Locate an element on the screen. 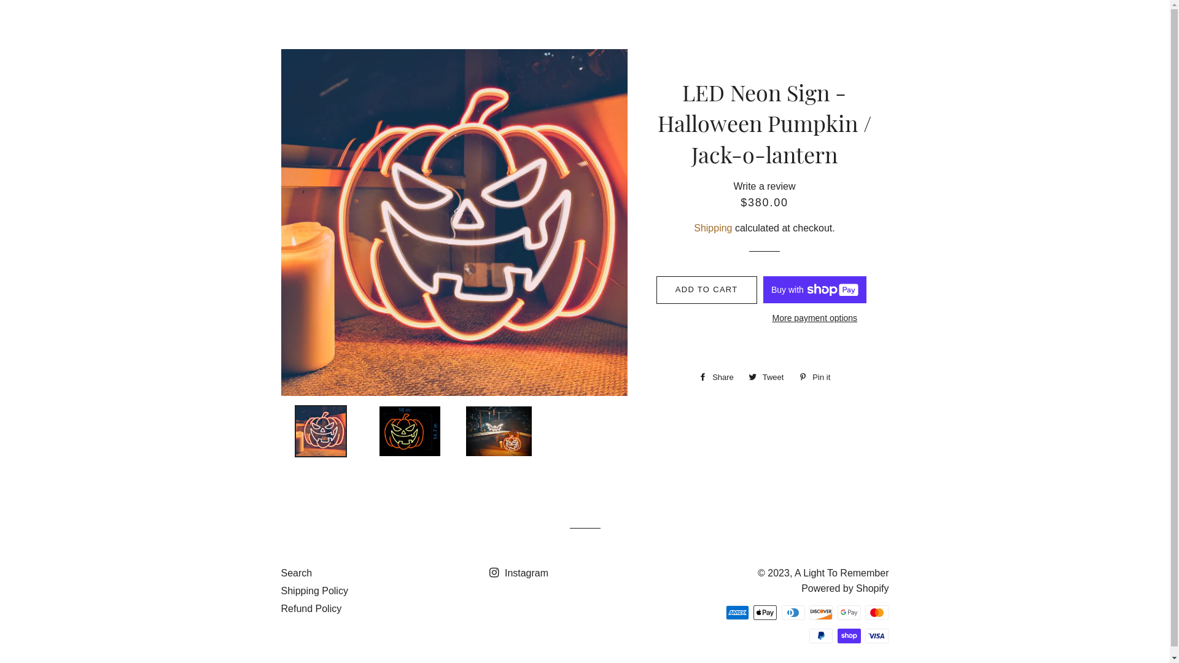 This screenshot has width=1179, height=663. 'Instagram' is located at coordinates (518, 573).